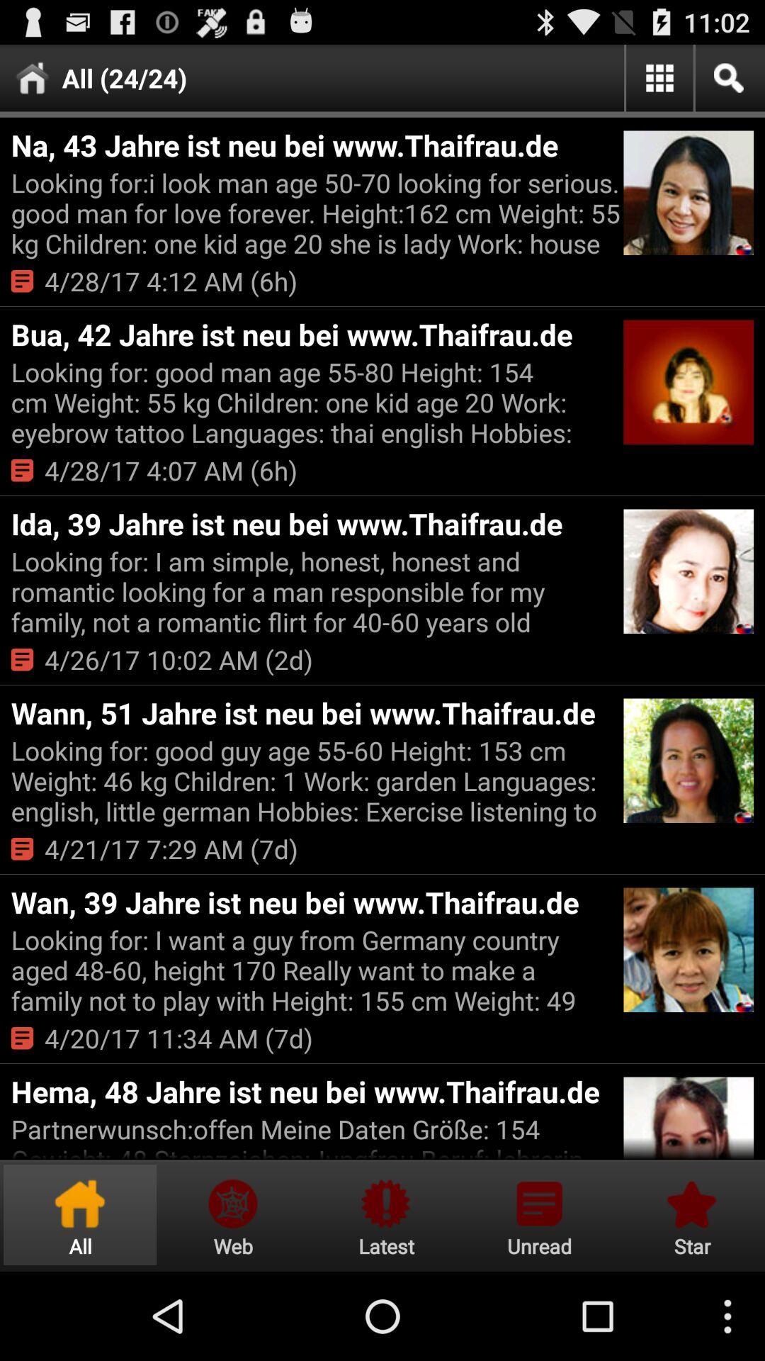 Image resolution: width=765 pixels, height=1361 pixels. Describe the element at coordinates (80, 1214) in the screenshot. I see `return to home button` at that location.